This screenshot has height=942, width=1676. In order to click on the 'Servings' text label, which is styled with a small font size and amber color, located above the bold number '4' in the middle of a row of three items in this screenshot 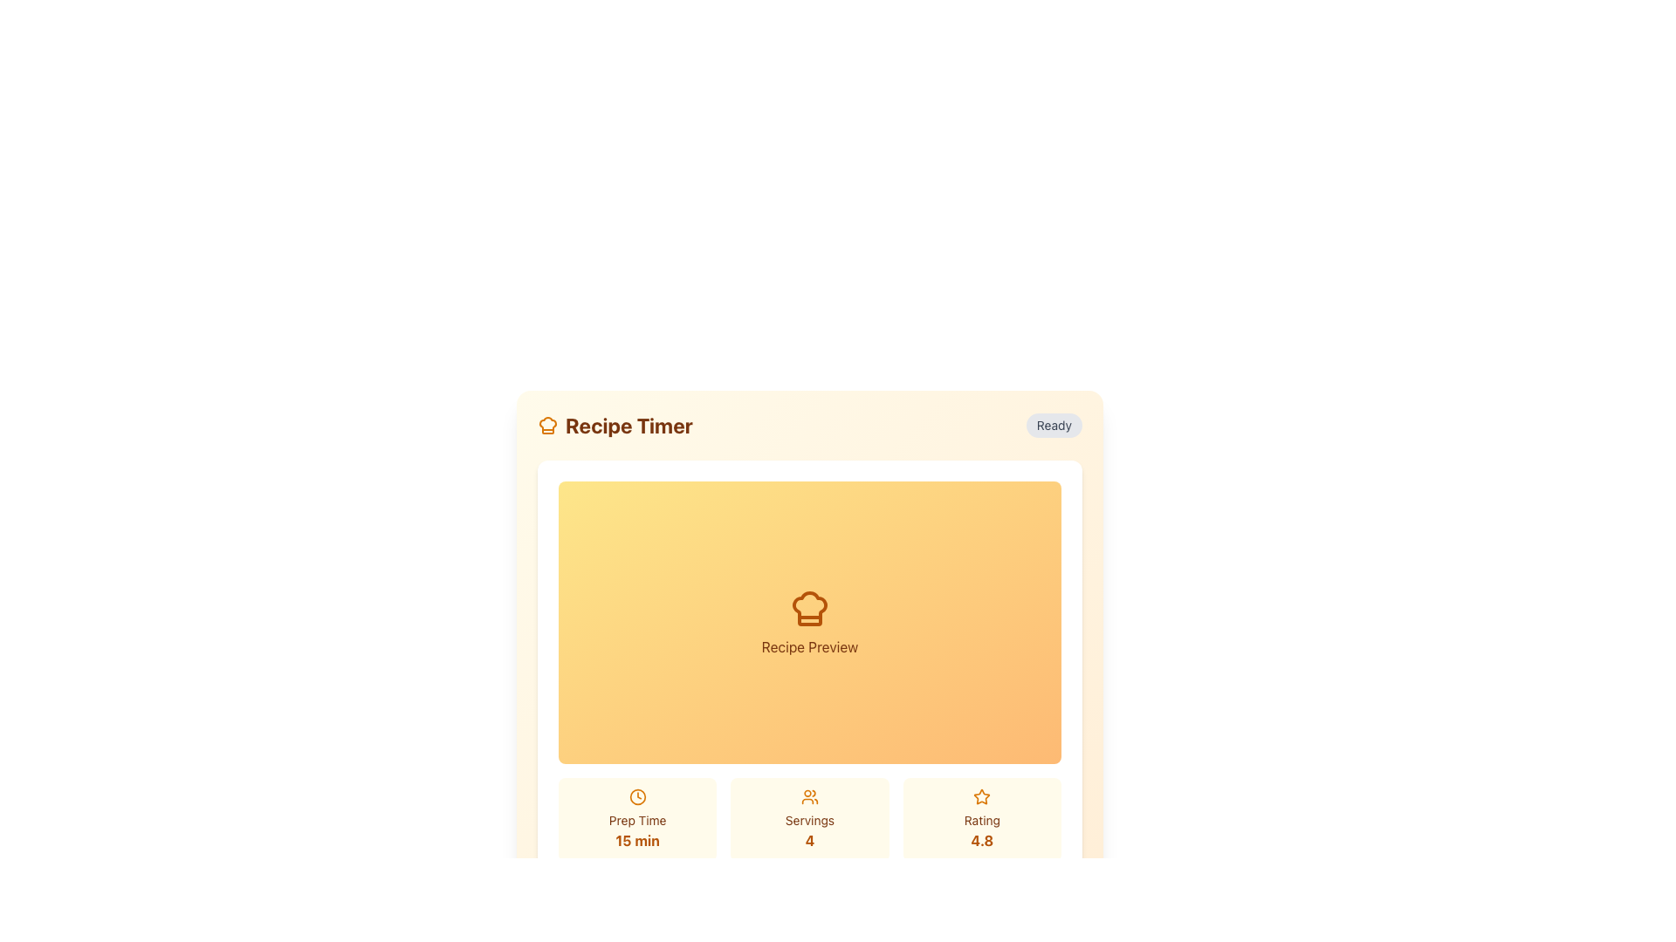, I will do `click(808, 820)`.